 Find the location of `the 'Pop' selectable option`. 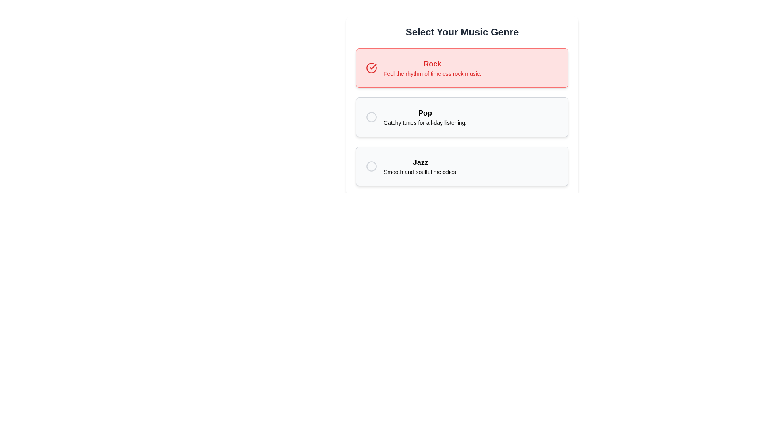

the 'Pop' selectable option is located at coordinates (462, 105).